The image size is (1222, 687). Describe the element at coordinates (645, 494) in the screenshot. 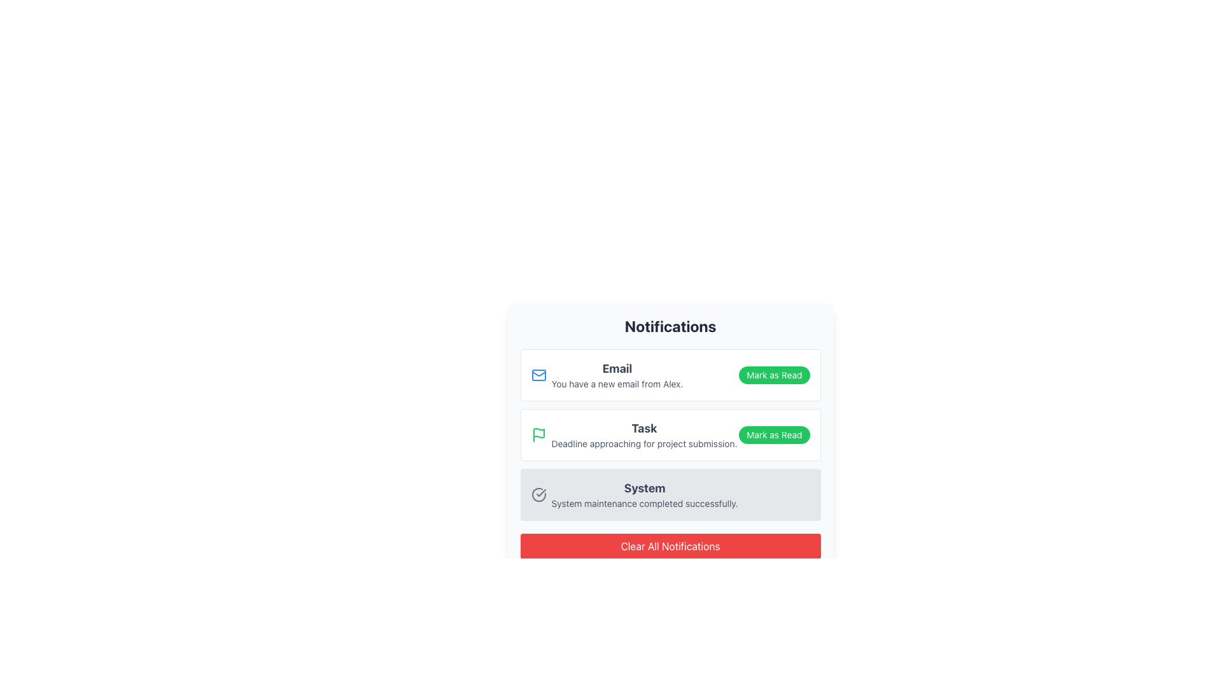

I see `the third notification message in the Notifications section, which states 'System maintenance completed successfully.'` at that location.